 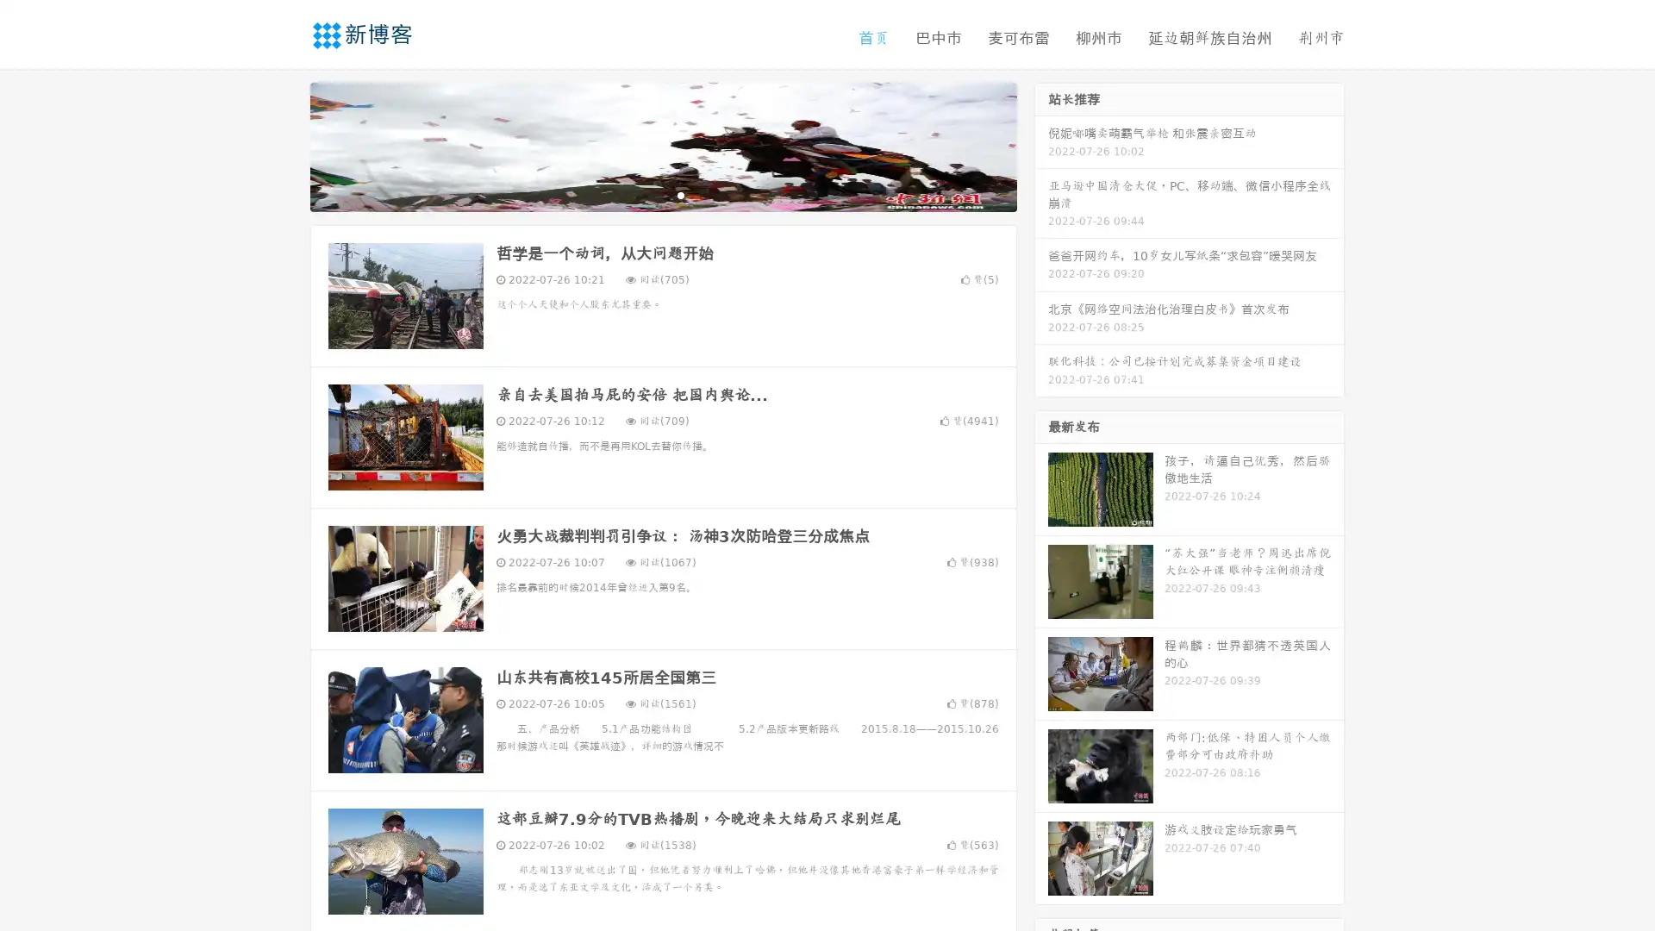 What do you see at coordinates (284, 145) in the screenshot?
I see `Previous slide` at bounding box center [284, 145].